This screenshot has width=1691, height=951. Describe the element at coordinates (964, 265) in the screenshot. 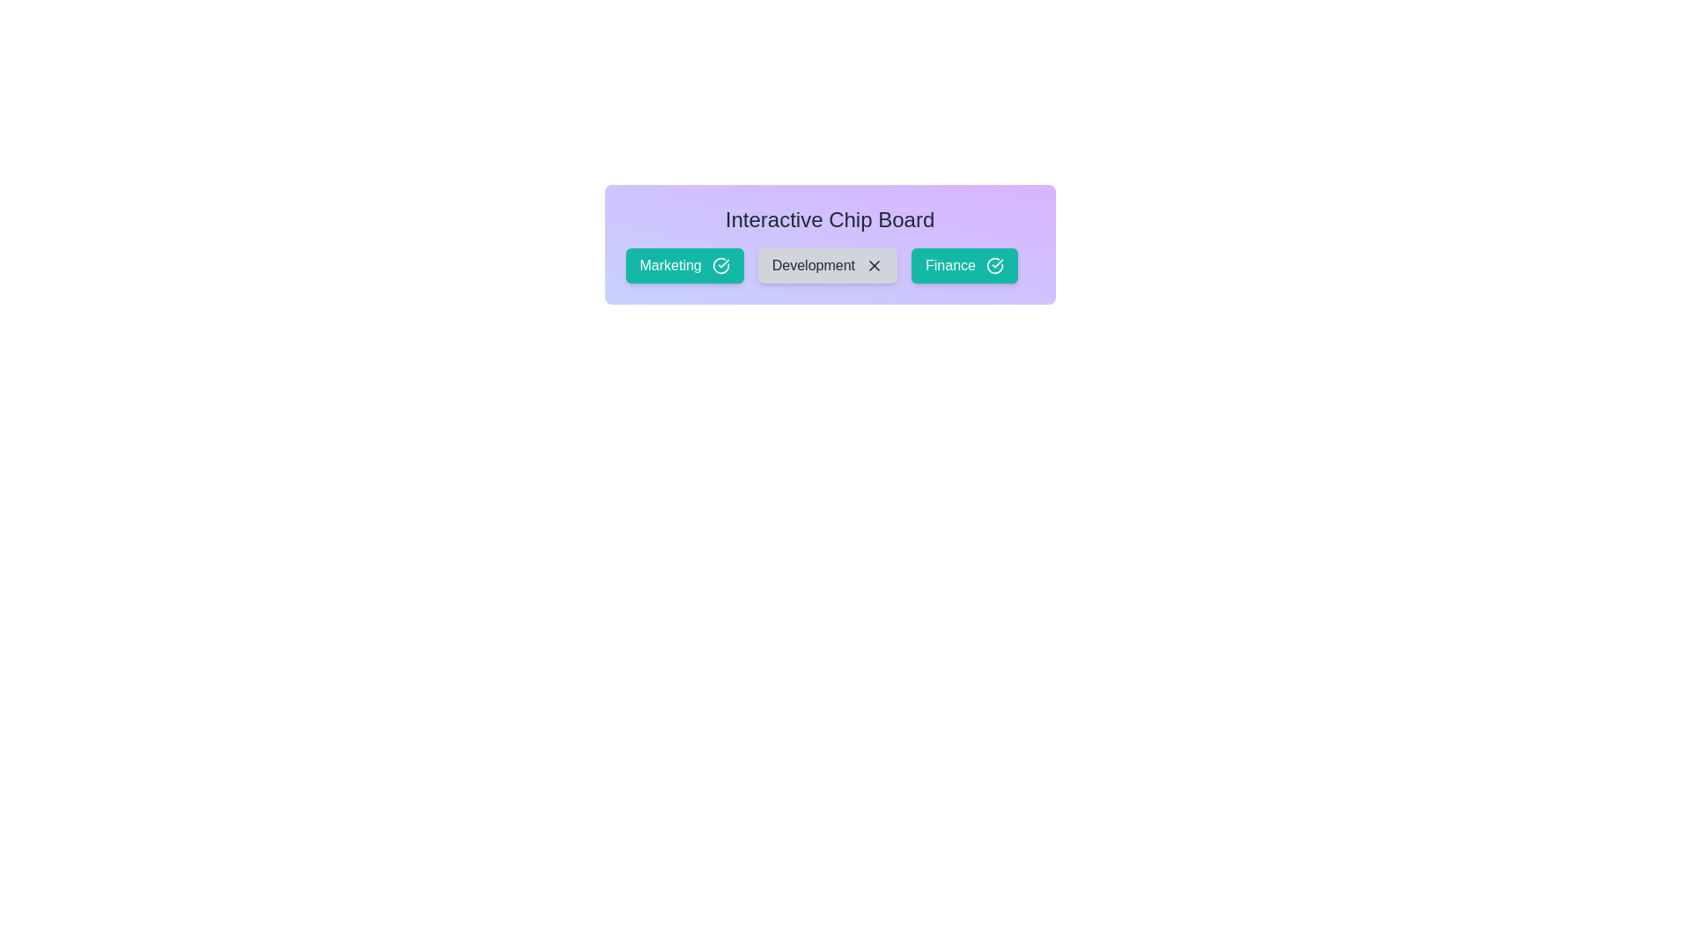

I see `the chip labeled Finance to observe its hover effect` at that location.